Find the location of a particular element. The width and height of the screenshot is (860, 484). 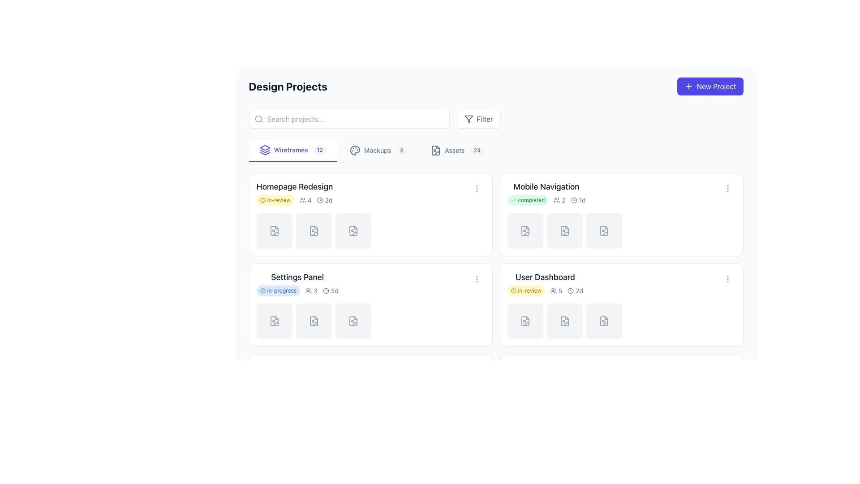

the icon representing a file placeholder, located in the bottom-right corner of the 'User Dashboard' section, which is the third icon in the row is located at coordinates (604, 321).